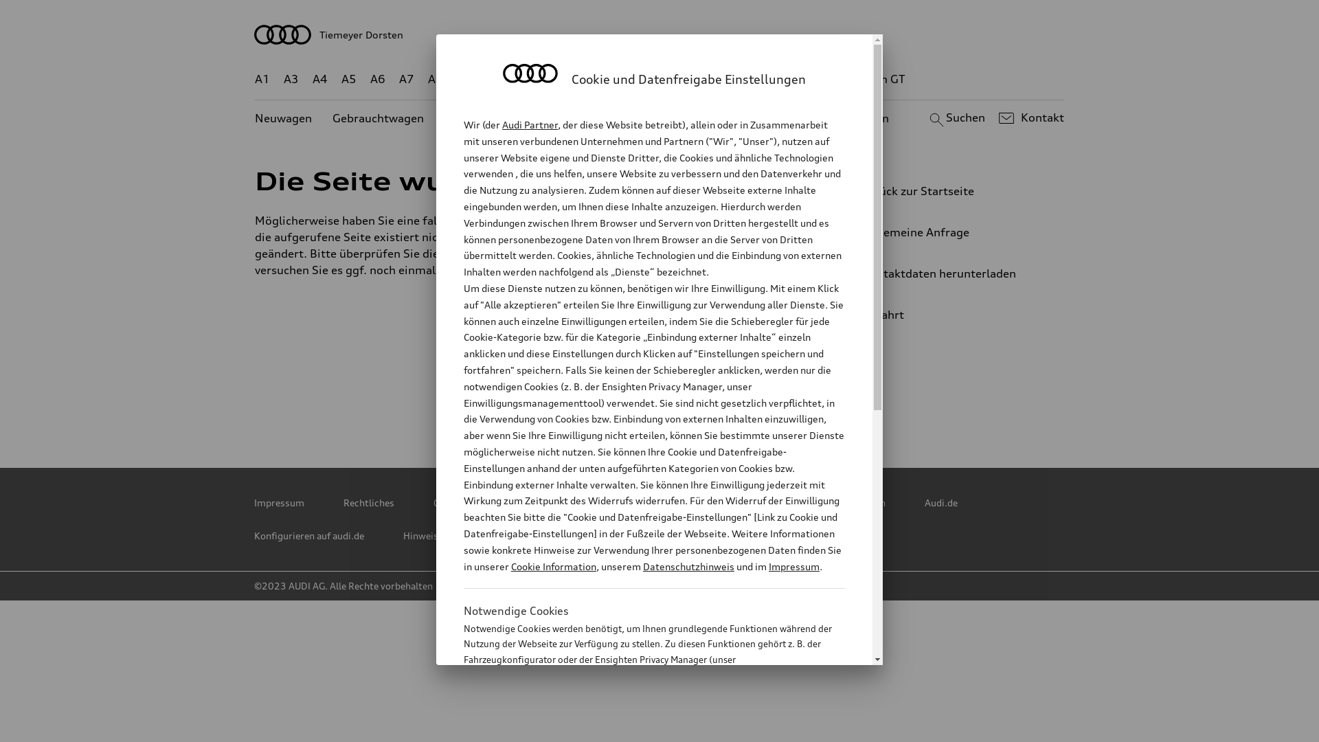 Image resolution: width=1319 pixels, height=742 pixels. I want to click on 'Q5', so click(589, 79).